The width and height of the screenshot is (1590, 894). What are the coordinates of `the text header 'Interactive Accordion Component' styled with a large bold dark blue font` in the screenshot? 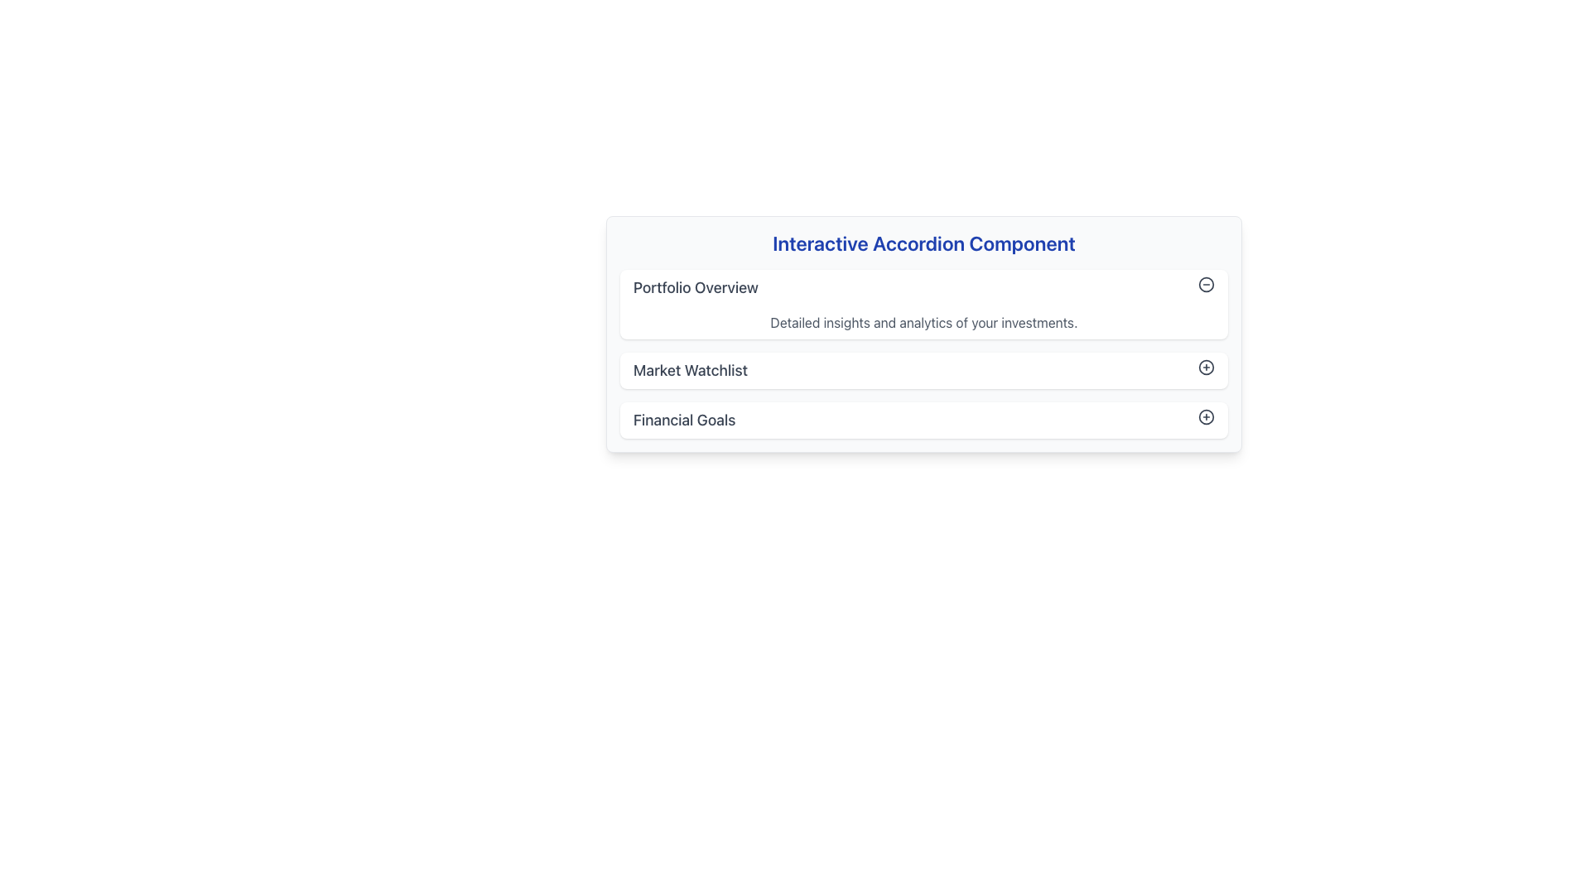 It's located at (923, 243).